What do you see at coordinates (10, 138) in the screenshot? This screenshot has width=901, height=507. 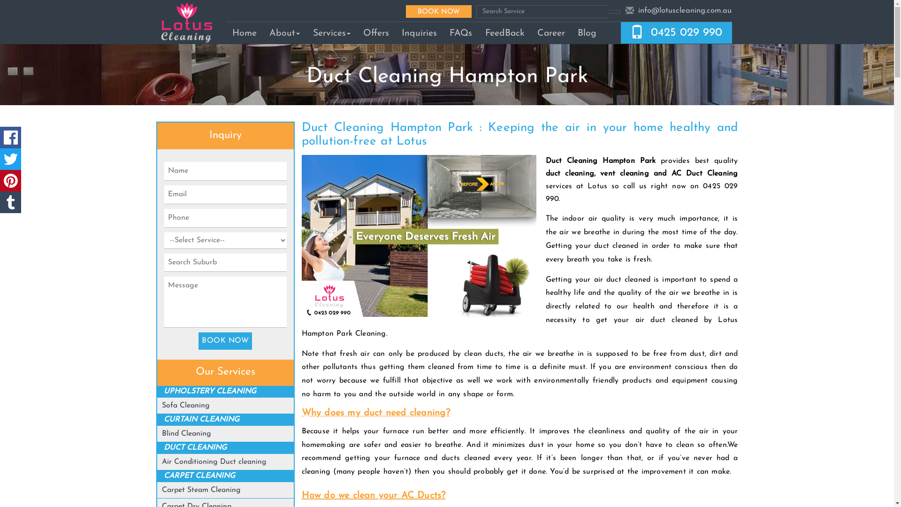 I see `'share with: facebook'` at bounding box center [10, 138].